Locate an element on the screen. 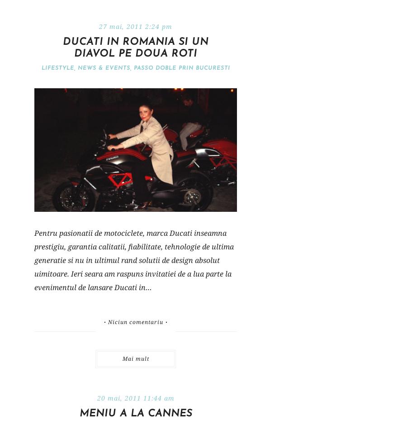 Image resolution: width=407 pixels, height=425 pixels. 'Niciun comentariu' is located at coordinates (135, 321).